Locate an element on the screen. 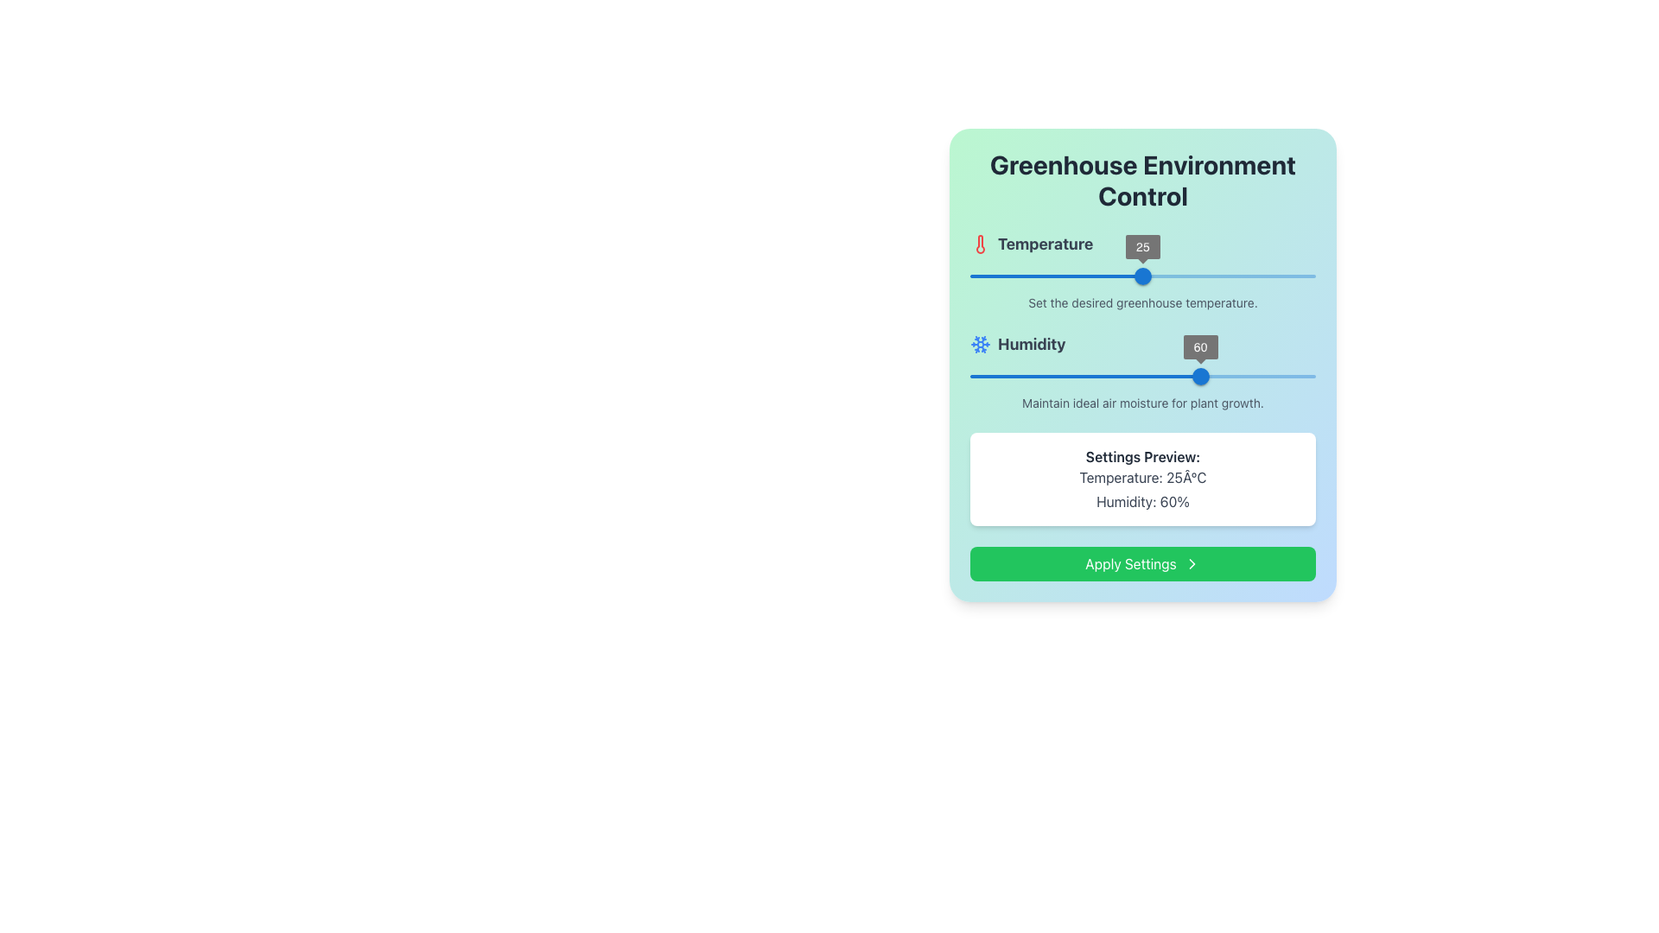 Image resolution: width=1659 pixels, height=933 pixels. the humidity level is located at coordinates (1122, 375).